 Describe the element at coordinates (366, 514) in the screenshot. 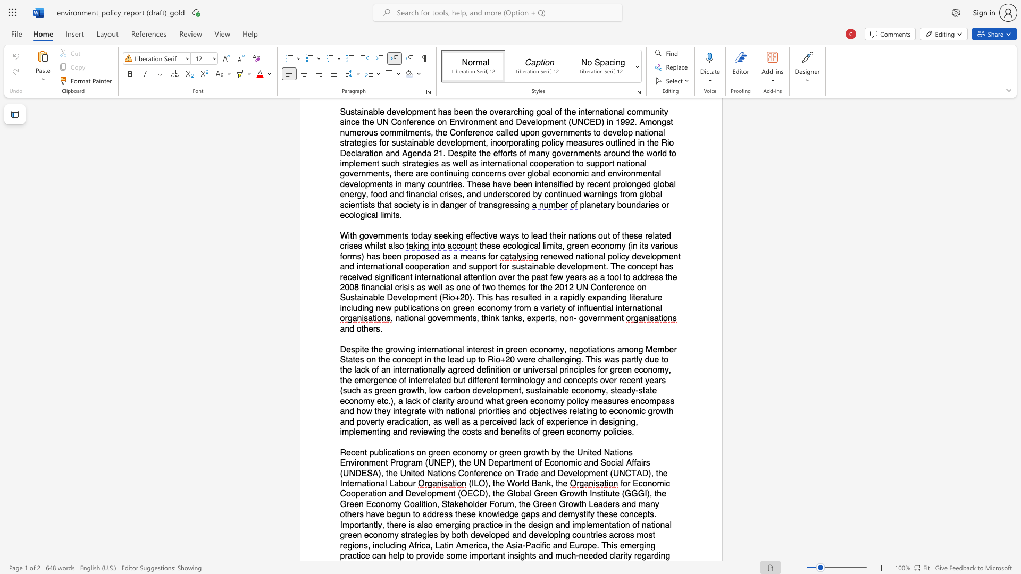

I see `the subset text "have begun to address these knowledge gaps and demystify these concepts. Importantly, there is also emerging practice in the design and implementation of national green economy strategies by both developed and developin" within the text "for Economic Cooperation and Development (OECD), the Global Green Growth Institute (GGGI), the Green Economy Coalition, Stakeholder Forum, the Green Growth Leaders and many others have begun to address these knowledge gaps and demystify these concepts. Importantly, there is also emerging practice in the design and implementation of national green economy strategies by both developed and developing countries across most regions, including Africa, Latin America, the Asia‐Pacific and Europe. This emerging practice can help to provide some important insights and much‐needed clarity"` at that location.